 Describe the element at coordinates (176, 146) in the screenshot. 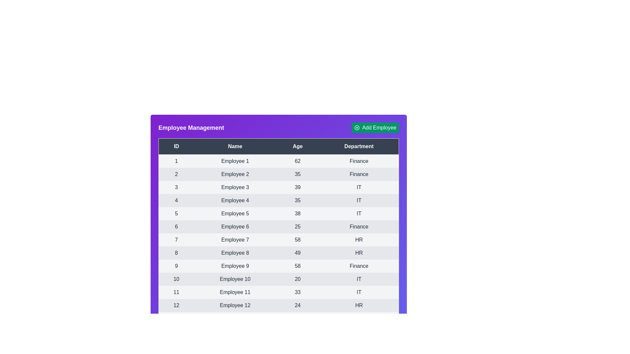

I see `the table header to sort the data by ID` at that location.